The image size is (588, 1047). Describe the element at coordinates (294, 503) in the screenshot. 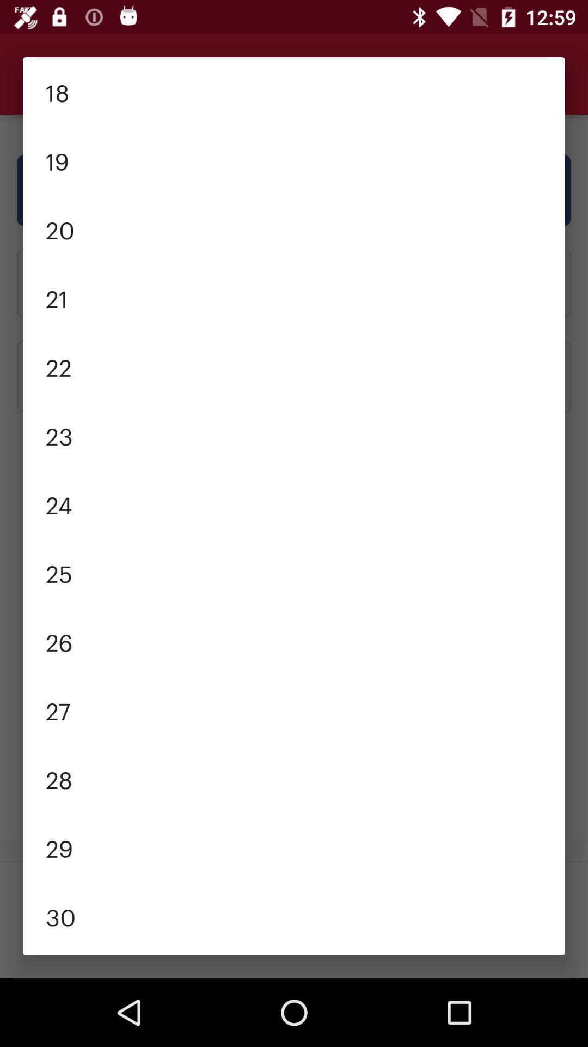

I see `the 24 icon` at that location.